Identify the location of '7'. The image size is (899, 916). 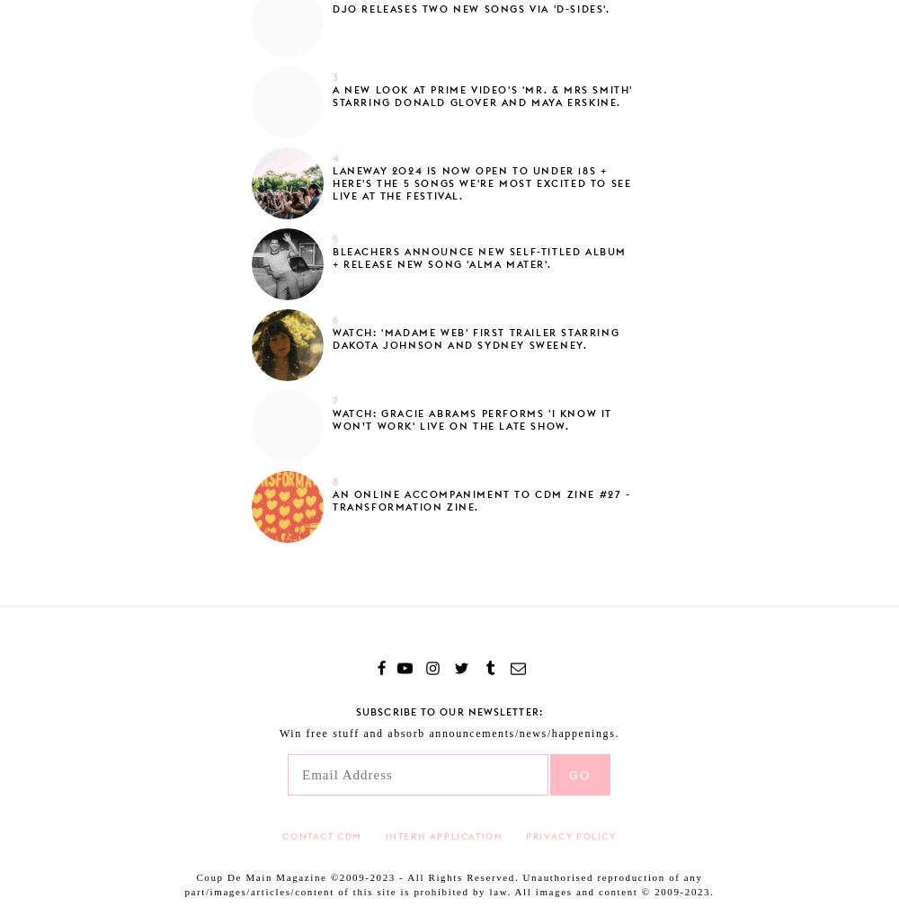
(334, 401).